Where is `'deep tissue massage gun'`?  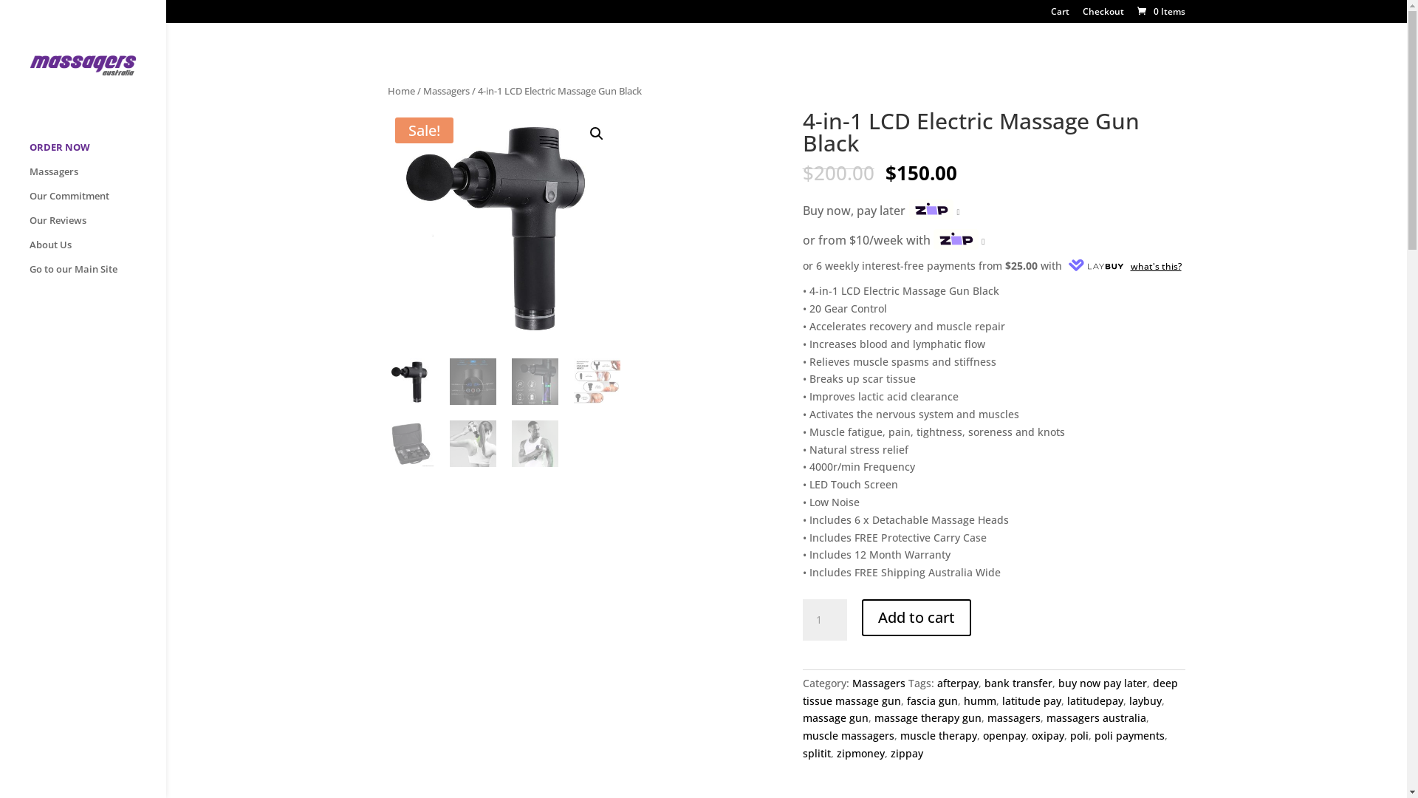 'deep tissue massage gun' is located at coordinates (990, 692).